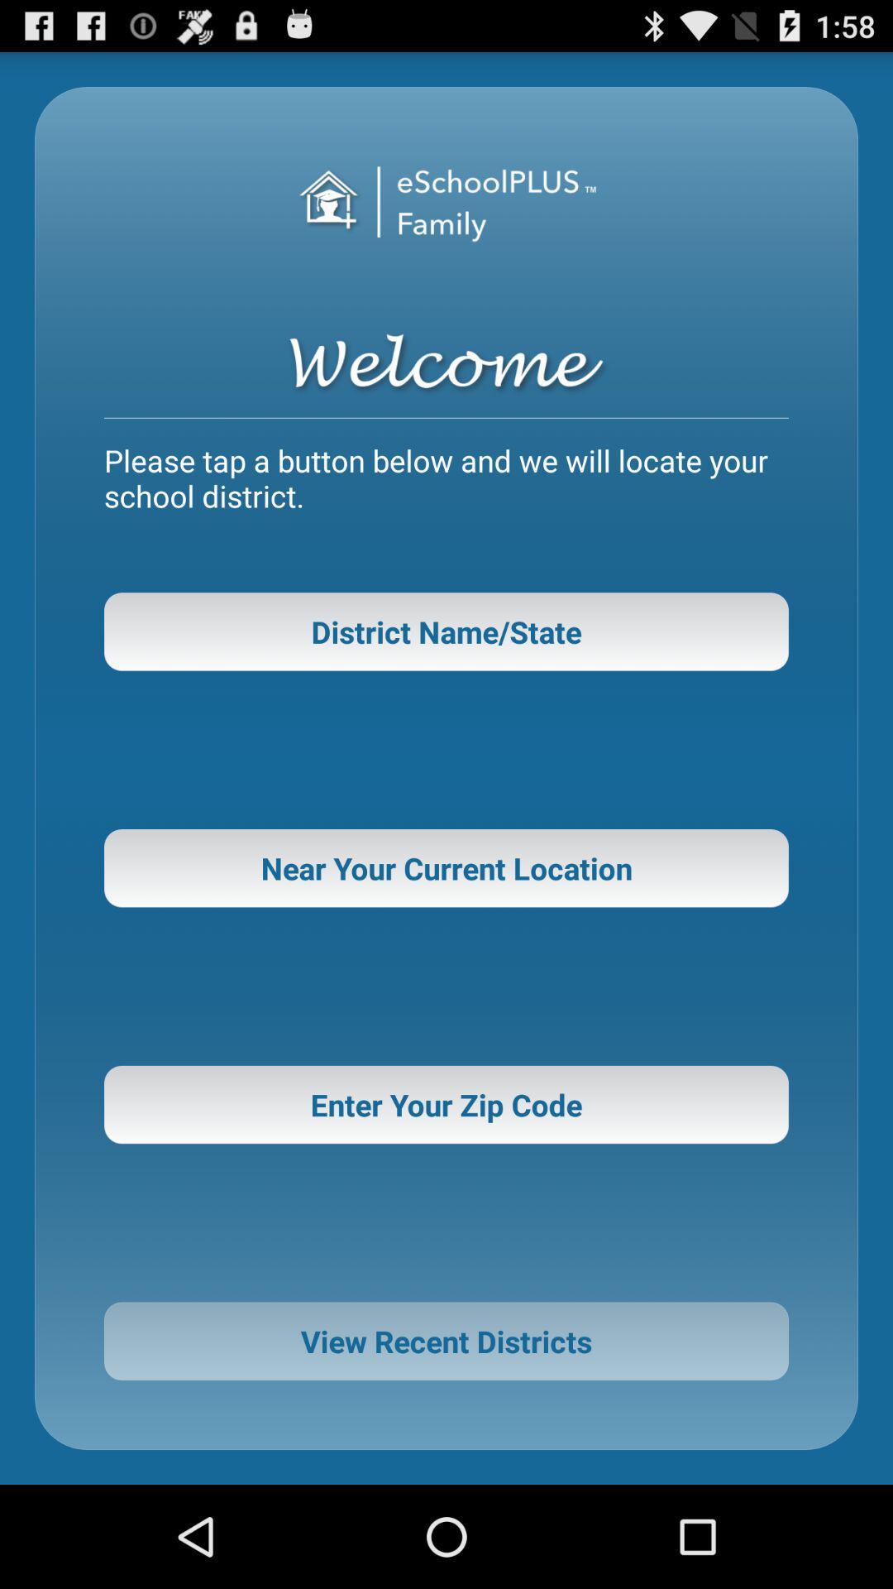 This screenshot has height=1589, width=893. What do you see at coordinates (446, 867) in the screenshot?
I see `the button above the enter your zip button` at bounding box center [446, 867].